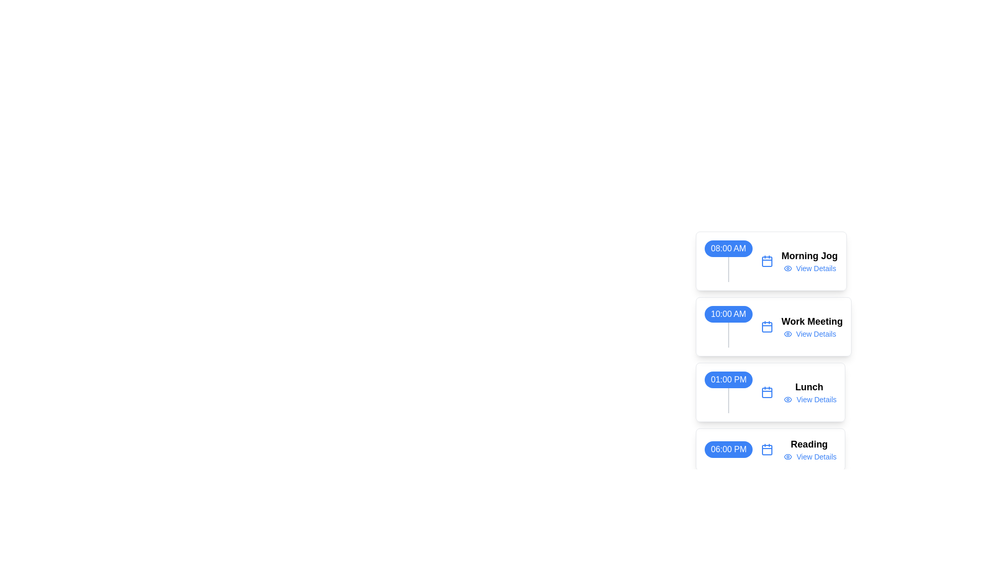  Describe the element at coordinates (808, 399) in the screenshot. I see `the 'View Details' hyperlink, which is styled in a small blue font and underlined when hovered over, located beneath the 'Lunch' title in the scheduled events` at that location.